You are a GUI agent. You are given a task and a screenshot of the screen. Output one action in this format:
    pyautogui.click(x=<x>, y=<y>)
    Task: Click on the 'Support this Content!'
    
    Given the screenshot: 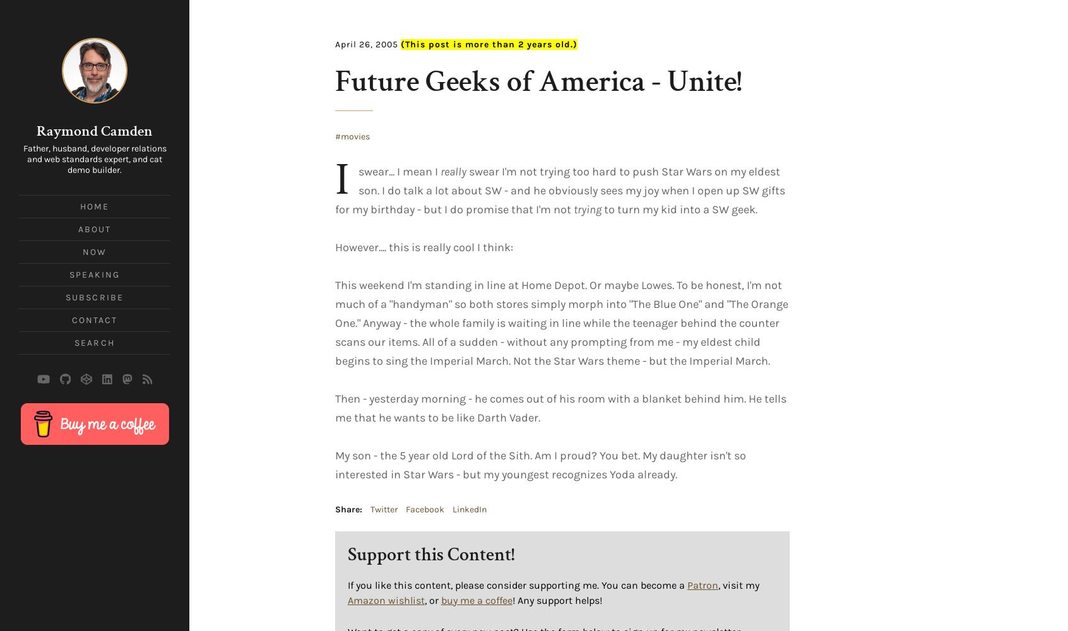 What is the action you would take?
    pyautogui.click(x=430, y=554)
    